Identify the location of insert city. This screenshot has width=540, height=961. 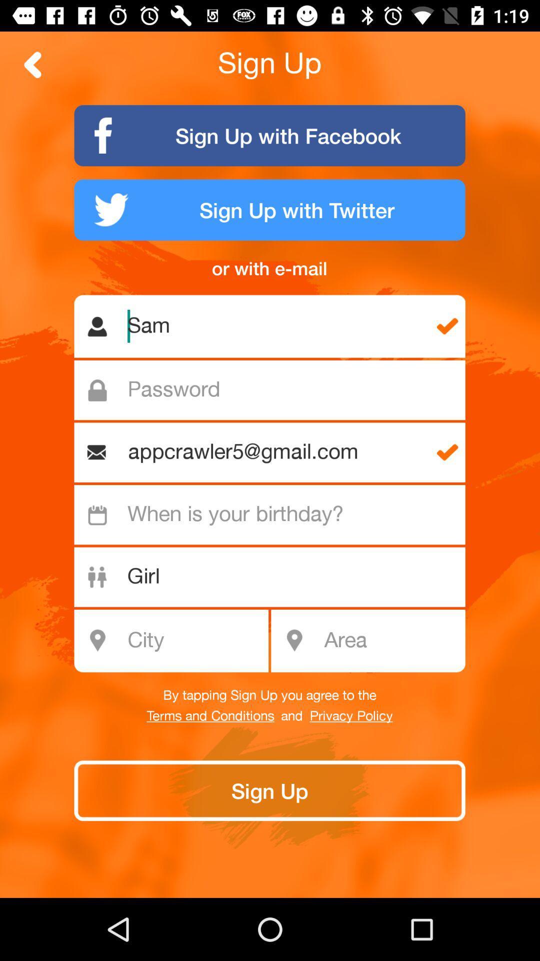
(176, 641).